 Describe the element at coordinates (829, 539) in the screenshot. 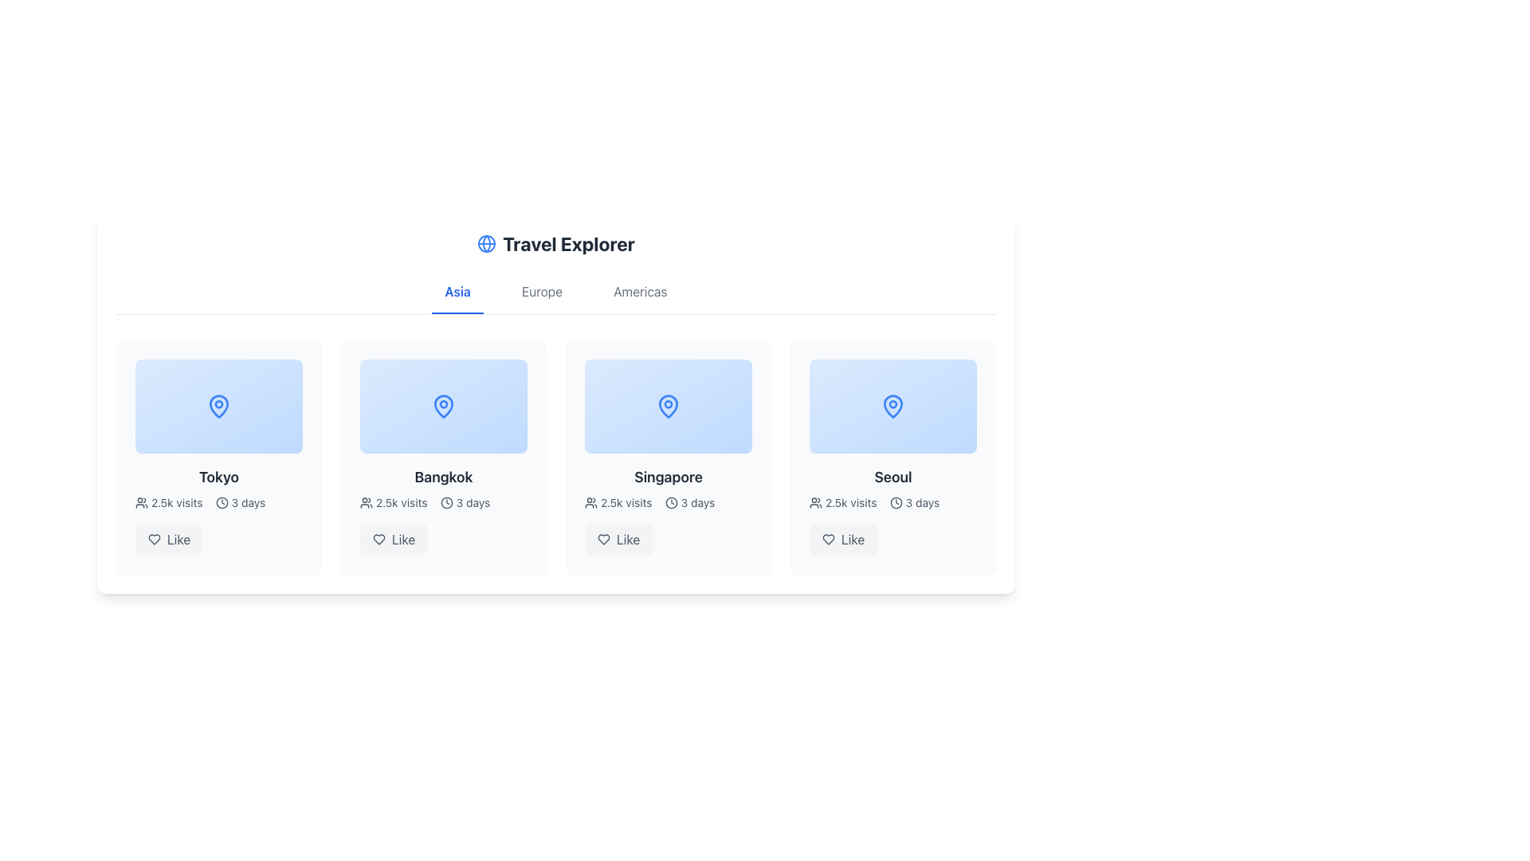

I see `the heart-shaped vector graphic icon located` at that location.